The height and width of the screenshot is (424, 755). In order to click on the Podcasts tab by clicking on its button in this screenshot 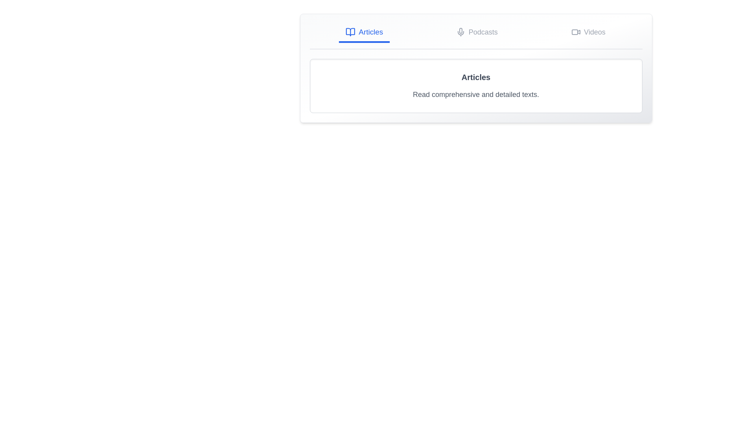, I will do `click(476, 33)`.